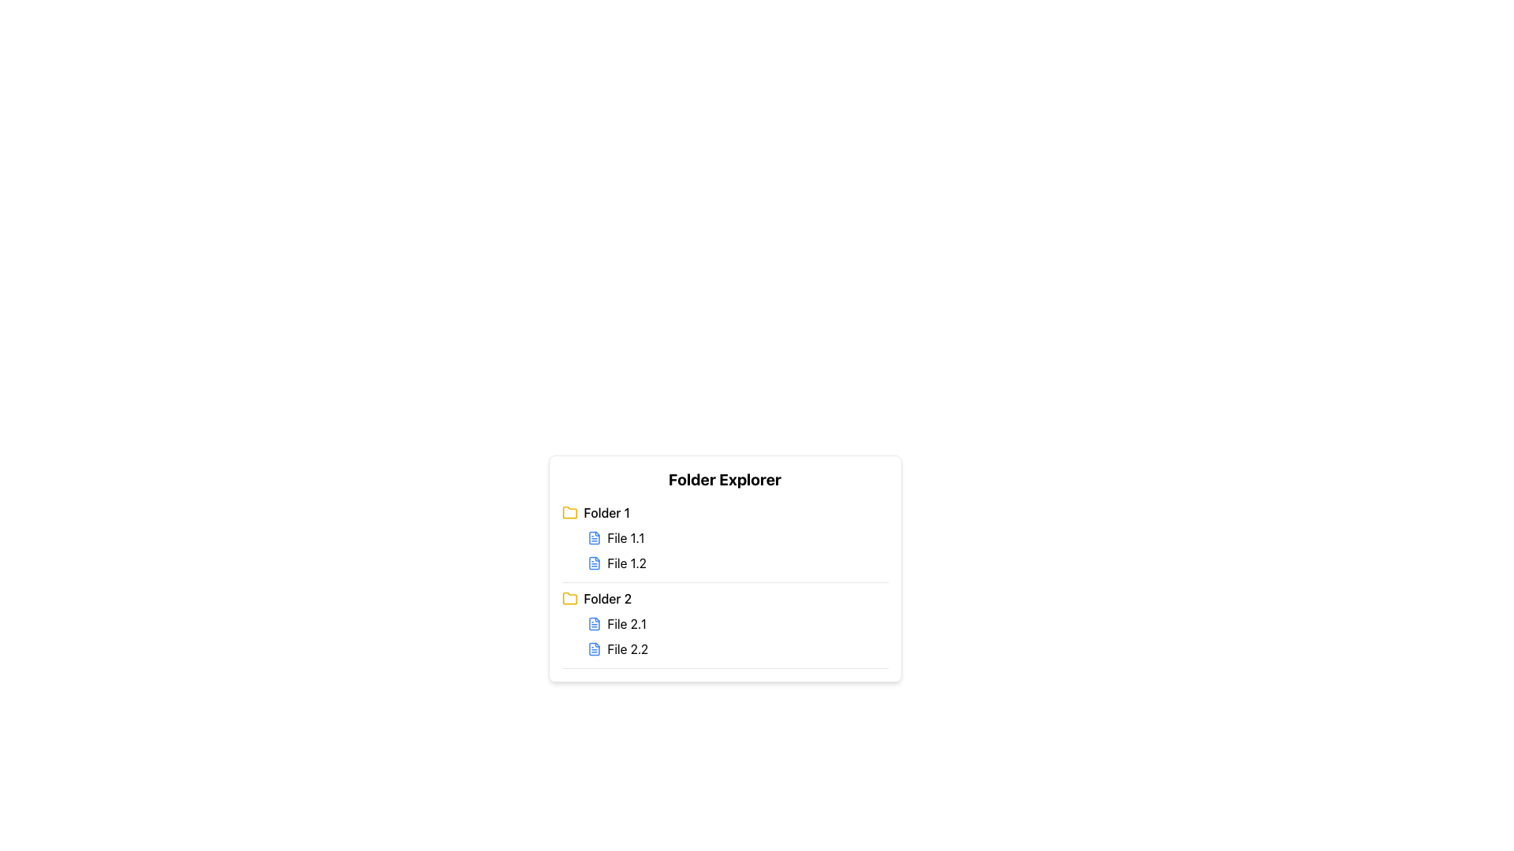 This screenshot has width=1514, height=851. What do you see at coordinates (593, 537) in the screenshot?
I see `the blue document icon located to the left of the text 'File 1.1' in the folder explorer interface for interaction` at bounding box center [593, 537].